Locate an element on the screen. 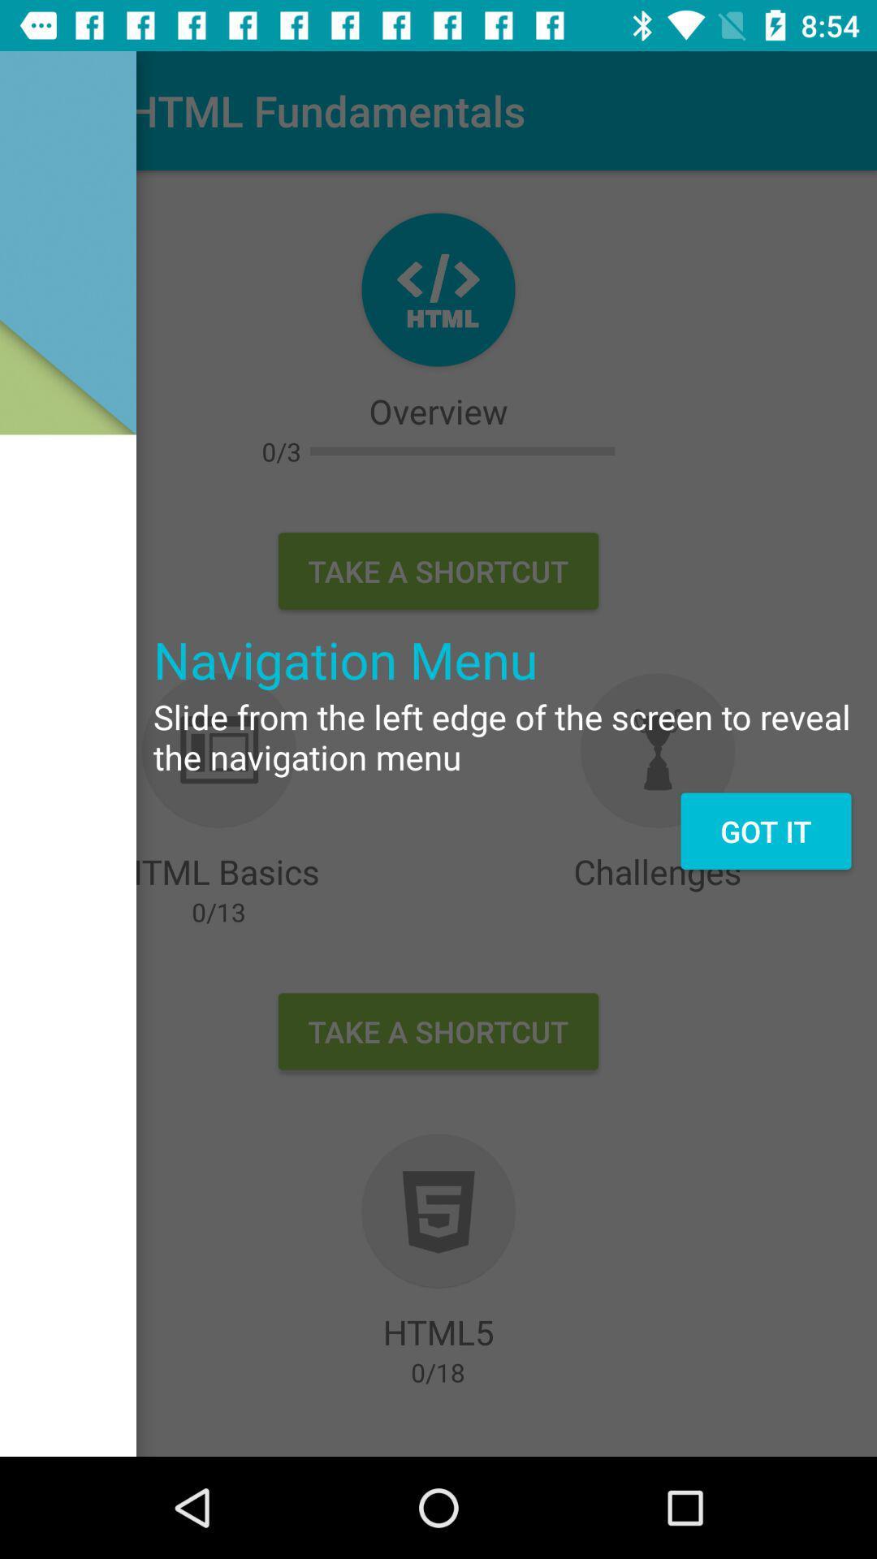  got it item is located at coordinates (766, 831).